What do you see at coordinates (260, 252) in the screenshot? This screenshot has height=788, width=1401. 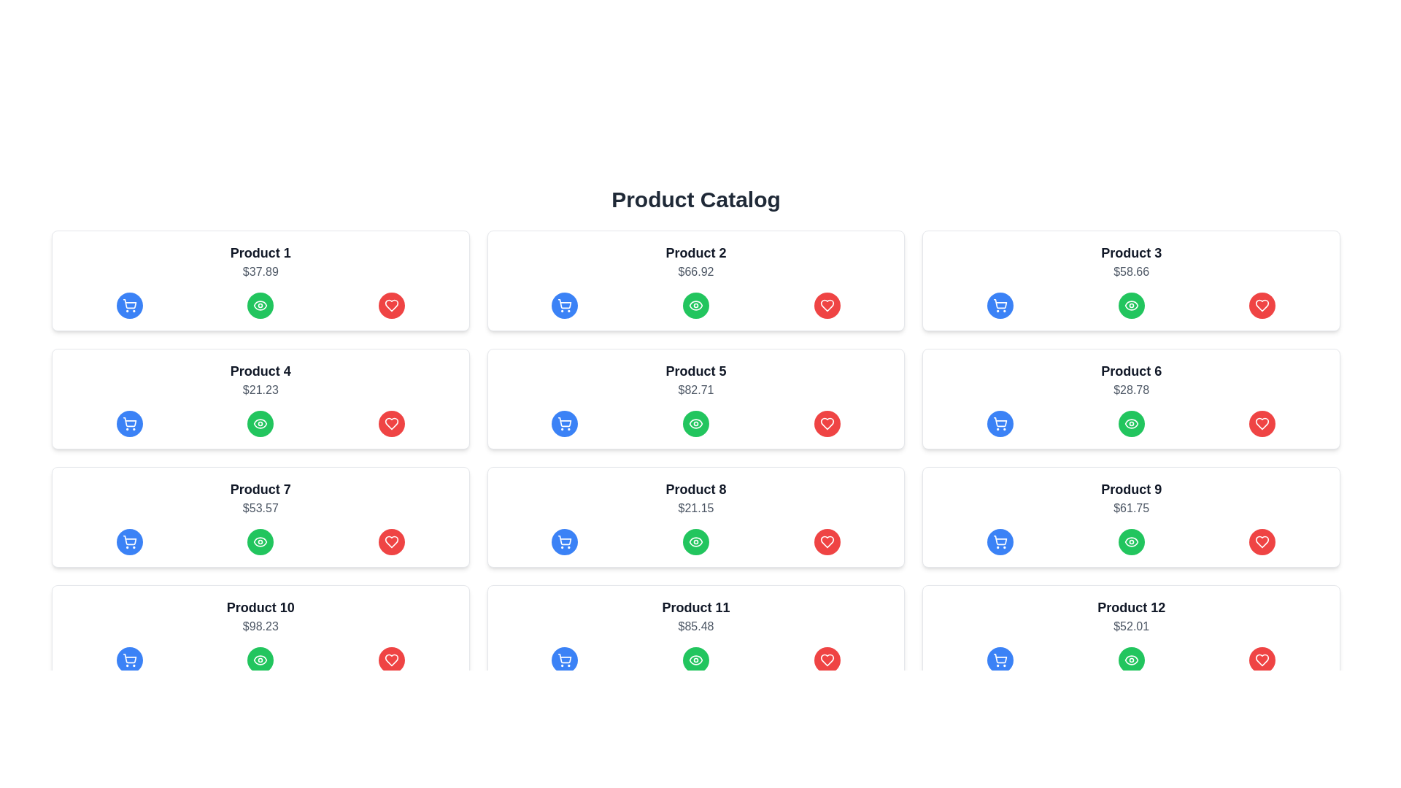 I see `the text label displaying 'Product 1', which is styled with a large, bold, dark gray font against a white background, located in the top-left product card of the grid layout` at bounding box center [260, 252].